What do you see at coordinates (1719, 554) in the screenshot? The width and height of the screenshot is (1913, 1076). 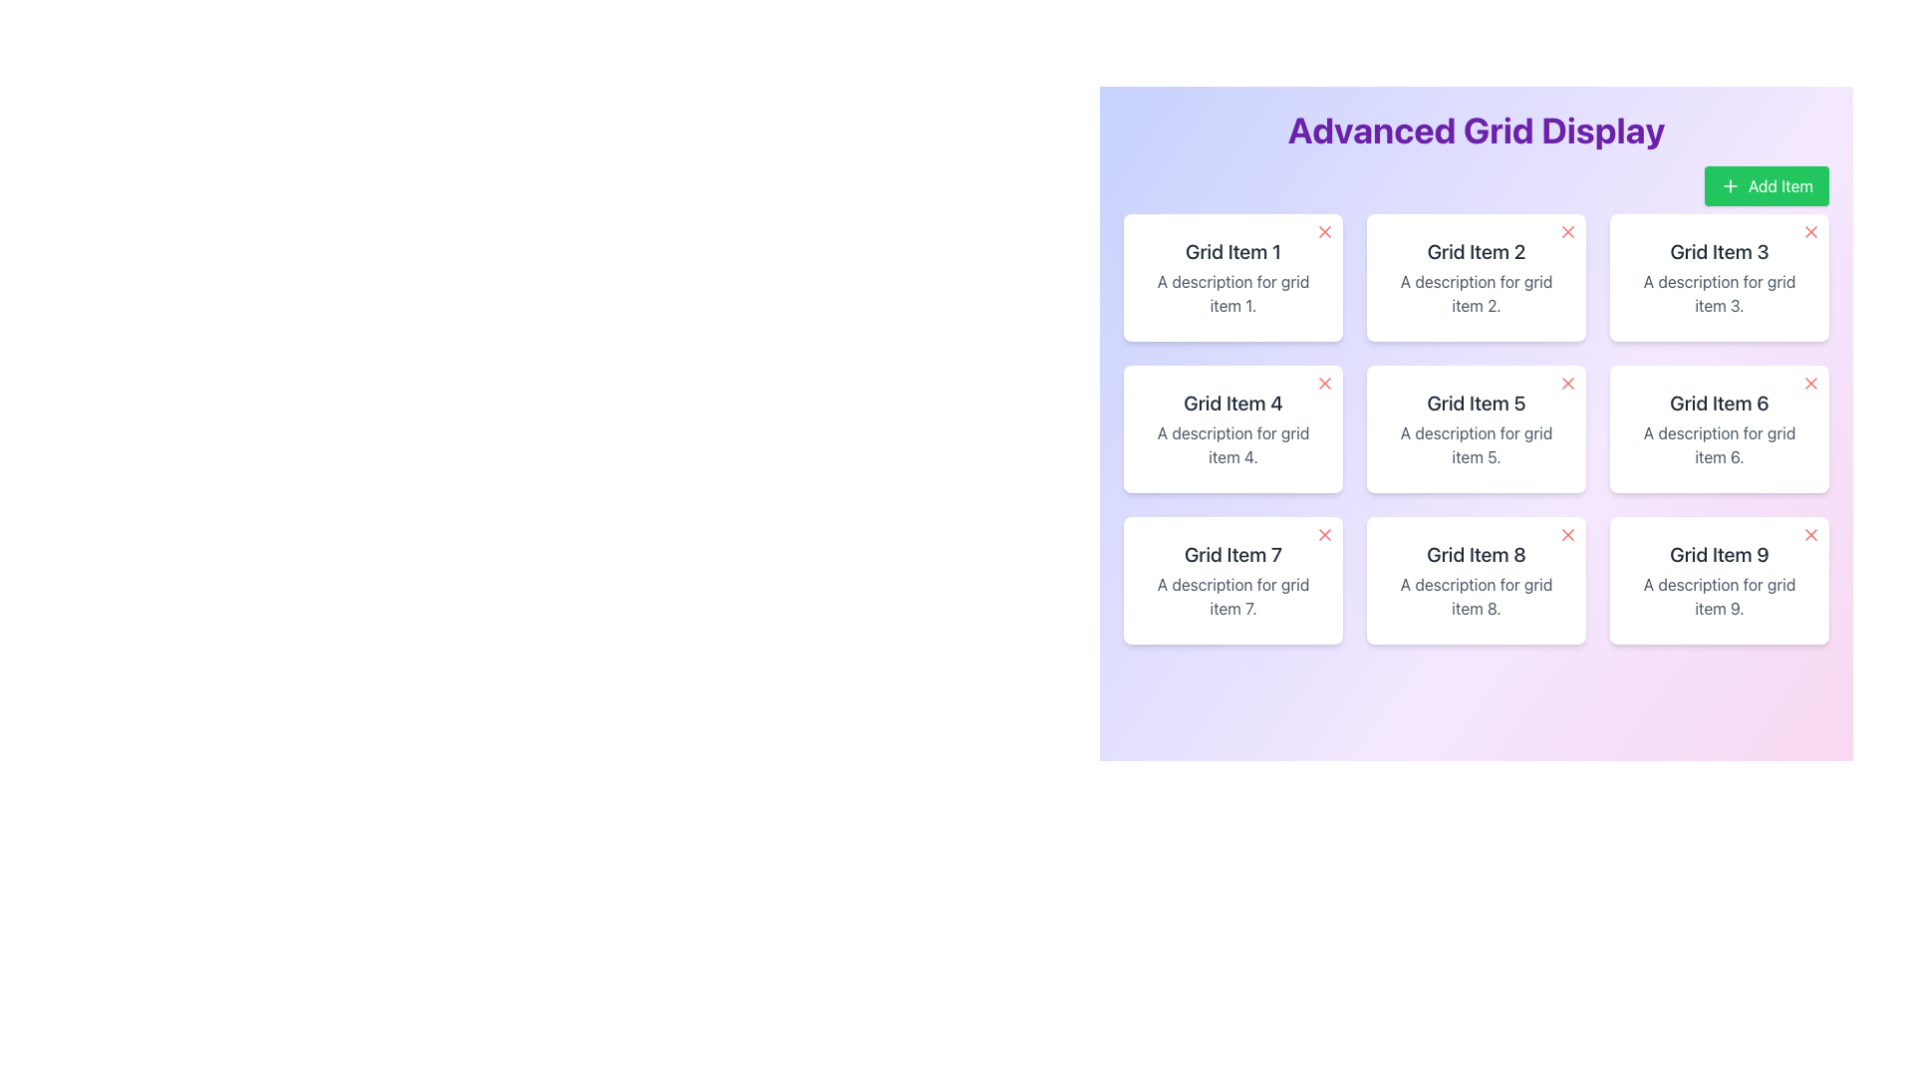 I see `context of the text label that serves as the title for the bottom-right card in a 3x3 grid layout` at bounding box center [1719, 554].